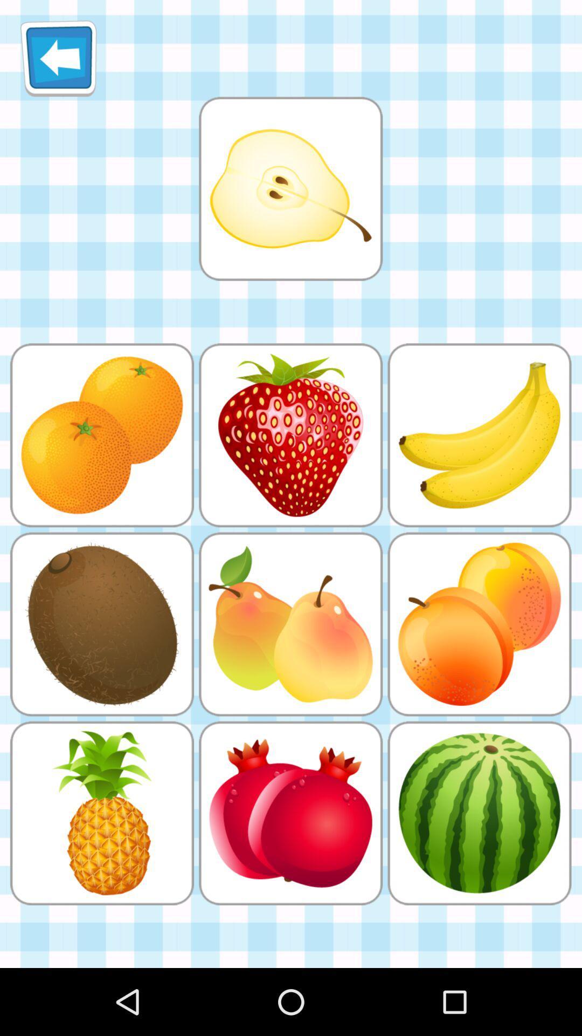 This screenshot has width=582, height=1036. What do you see at coordinates (290, 188) in the screenshot?
I see `click top middle pear` at bounding box center [290, 188].